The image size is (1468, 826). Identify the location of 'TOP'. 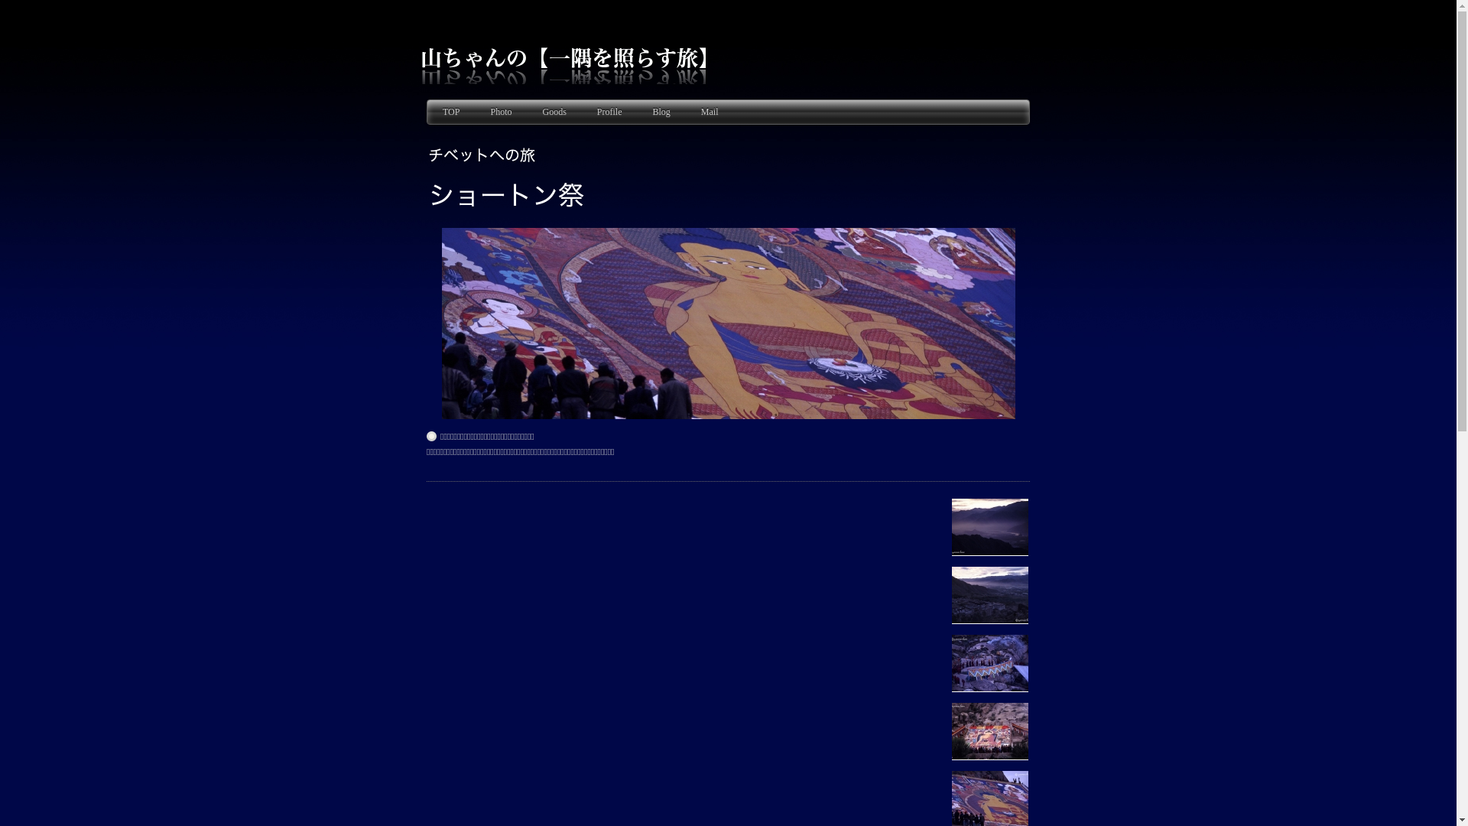
(450, 111).